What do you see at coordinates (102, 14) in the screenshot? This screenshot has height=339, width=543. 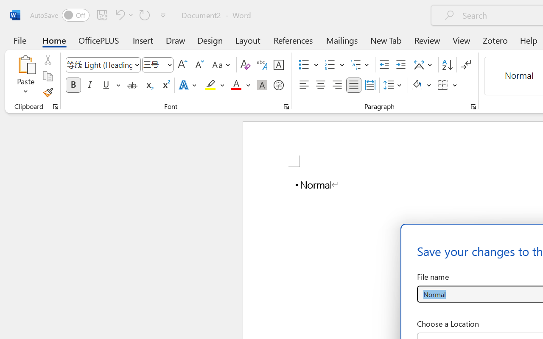 I see `'Save'` at bounding box center [102, 14].